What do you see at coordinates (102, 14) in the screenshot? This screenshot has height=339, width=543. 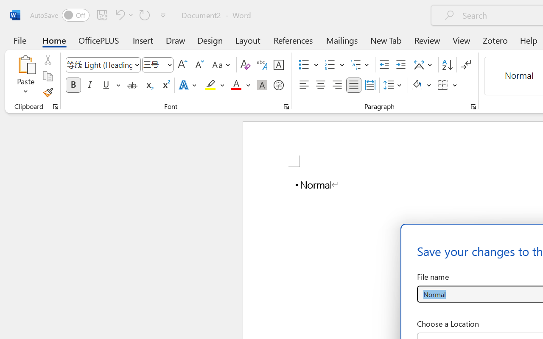 I see `'Save'` at bounding box center [102, 14].